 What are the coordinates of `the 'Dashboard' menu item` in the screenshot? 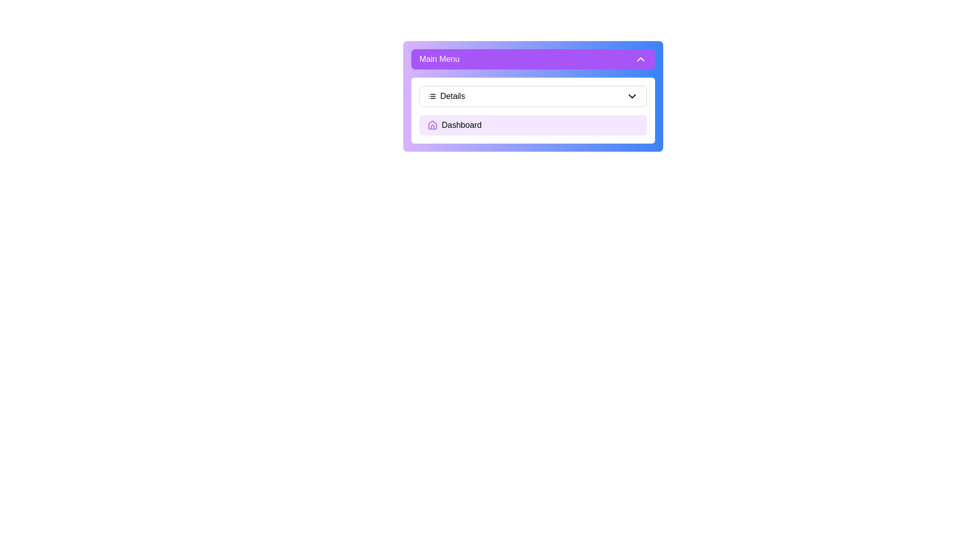 It's located at (533, 124).